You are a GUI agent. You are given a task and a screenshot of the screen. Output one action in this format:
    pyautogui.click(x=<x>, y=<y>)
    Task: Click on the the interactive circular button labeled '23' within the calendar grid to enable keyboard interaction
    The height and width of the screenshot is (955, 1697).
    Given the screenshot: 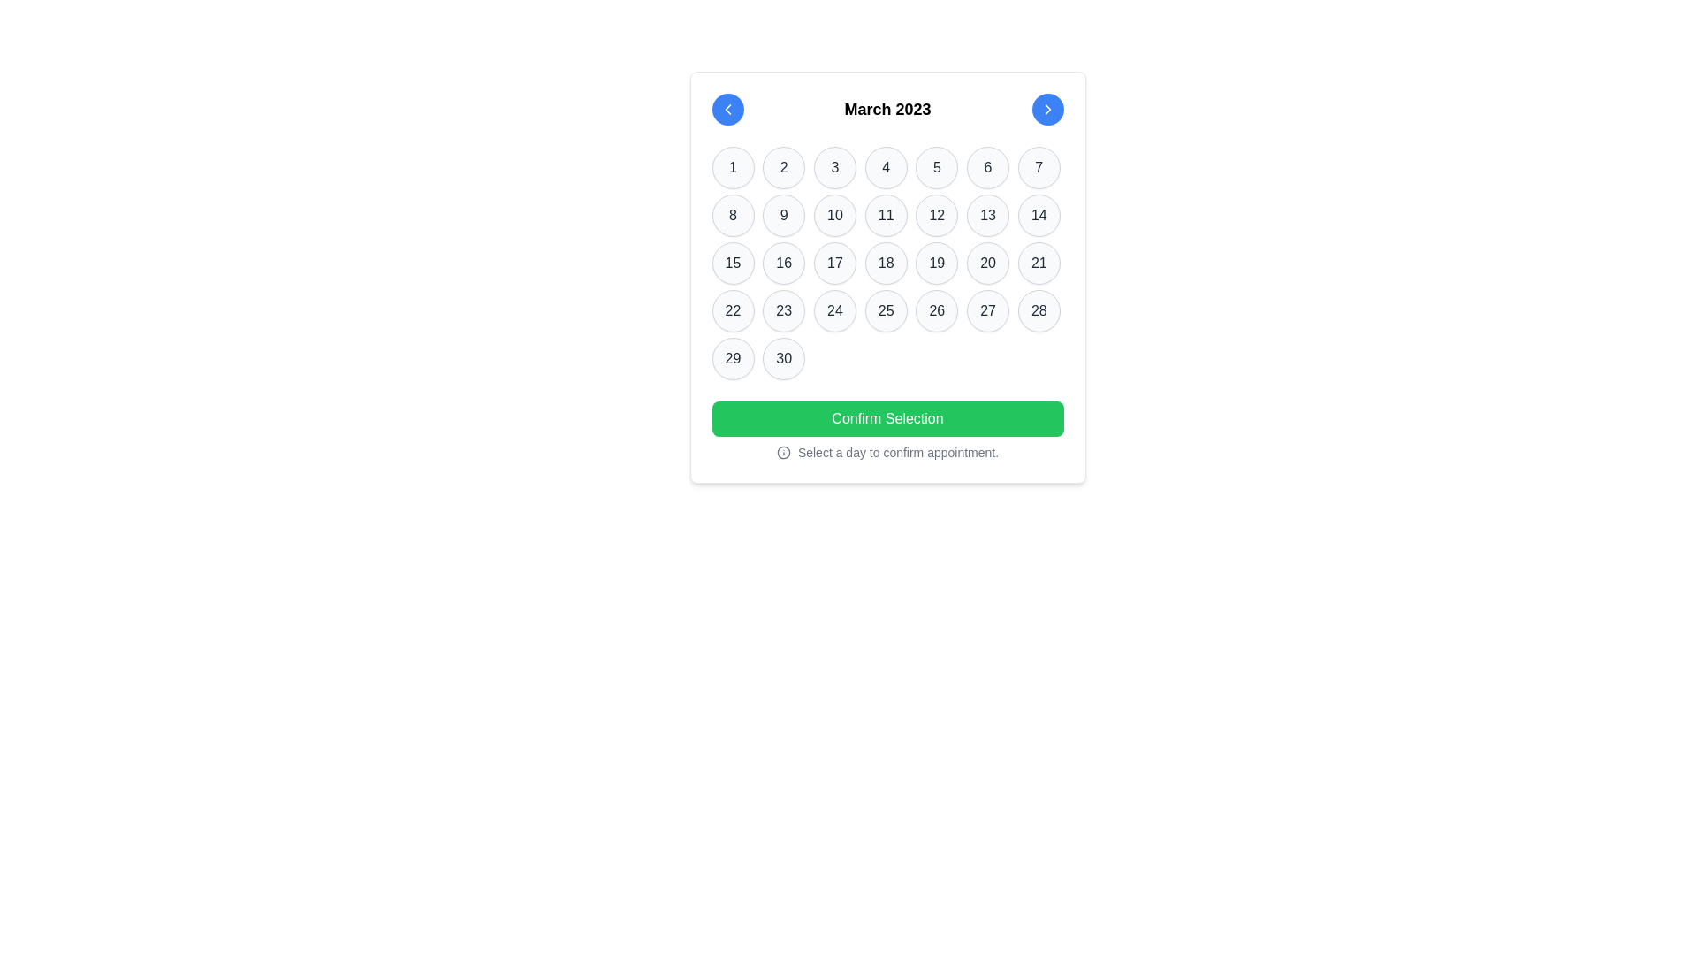 What is the action you would take?
    pyautogui.click(x=783, y=309)
    